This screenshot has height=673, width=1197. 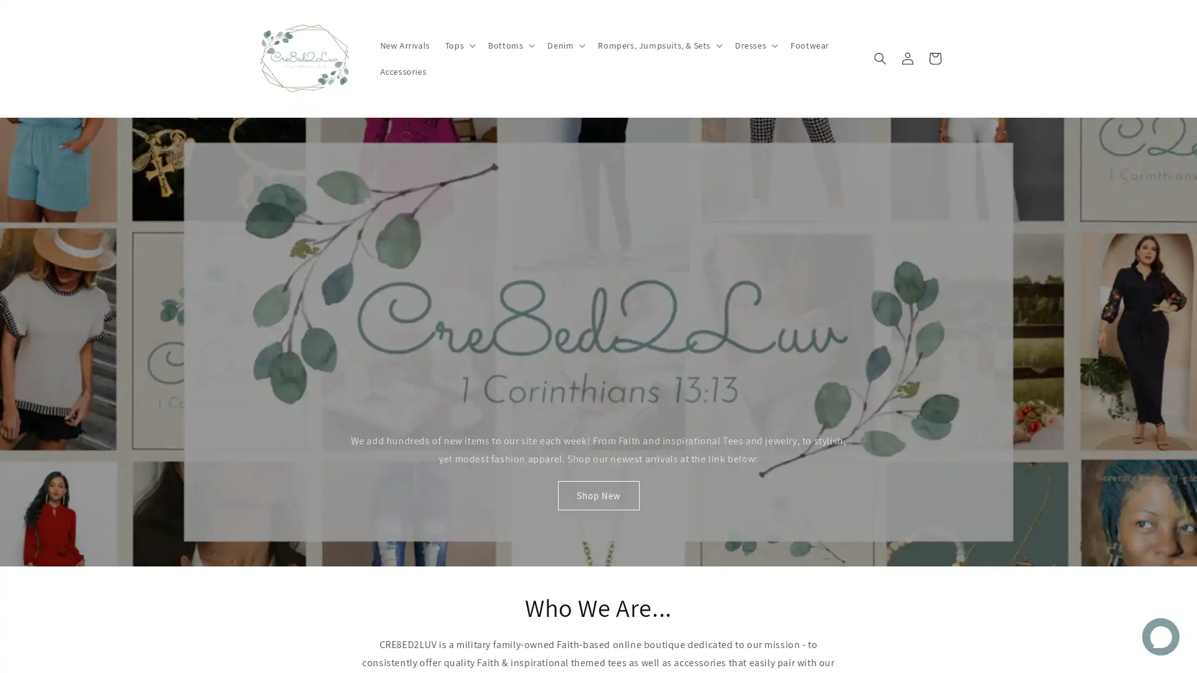 I want to click on Bottoms, so click(x=510, y=86).